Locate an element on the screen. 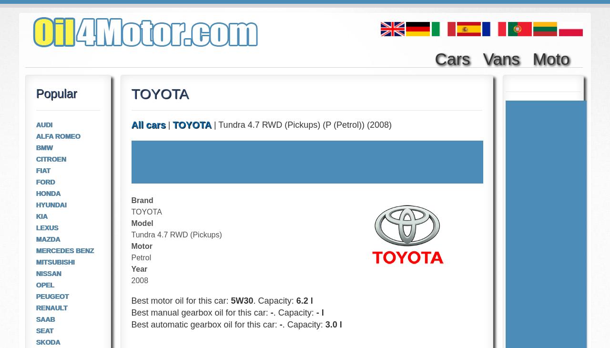  'Tundra 4.7 RWD (Pickups)' is located at coordinates (130, 234).